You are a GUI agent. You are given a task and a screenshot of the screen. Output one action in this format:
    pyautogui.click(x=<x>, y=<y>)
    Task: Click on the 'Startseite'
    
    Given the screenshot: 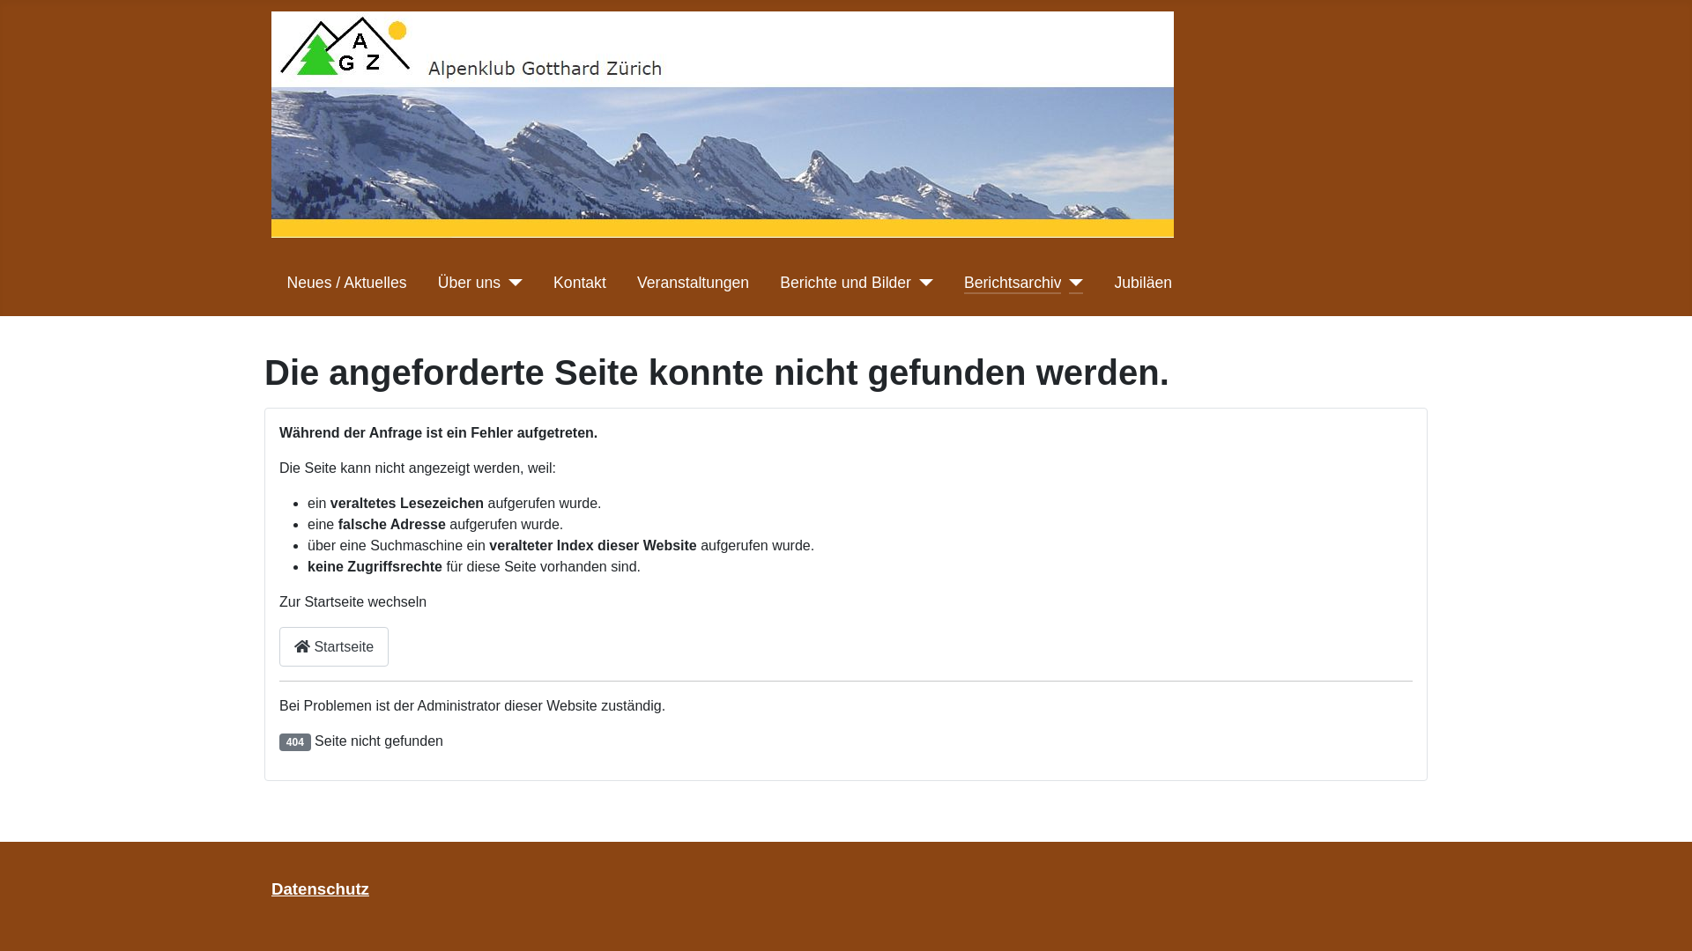 What is the action you would take?
    pyautogui.click(x=334, y=646)
    